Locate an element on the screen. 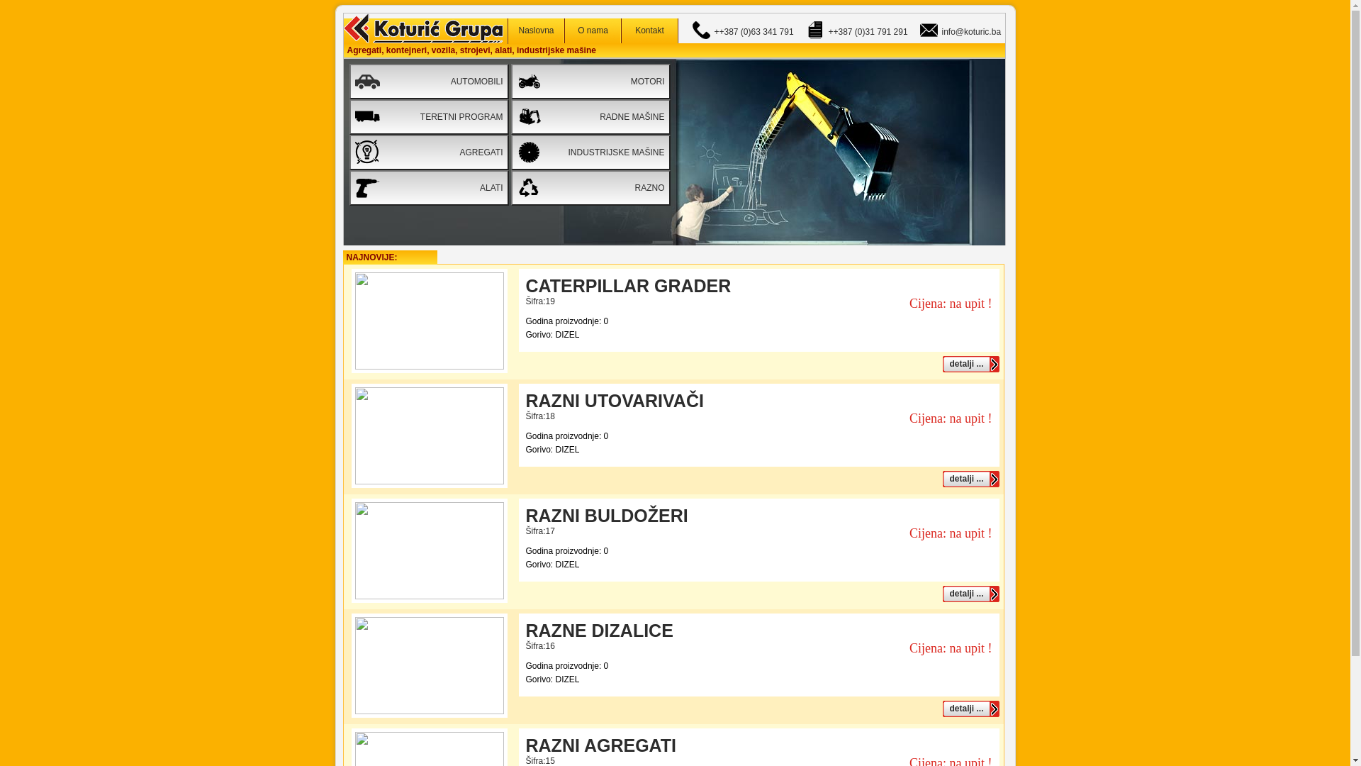 The image size is (1361, 766). 'O nama' is located at coordinates (592, 30).